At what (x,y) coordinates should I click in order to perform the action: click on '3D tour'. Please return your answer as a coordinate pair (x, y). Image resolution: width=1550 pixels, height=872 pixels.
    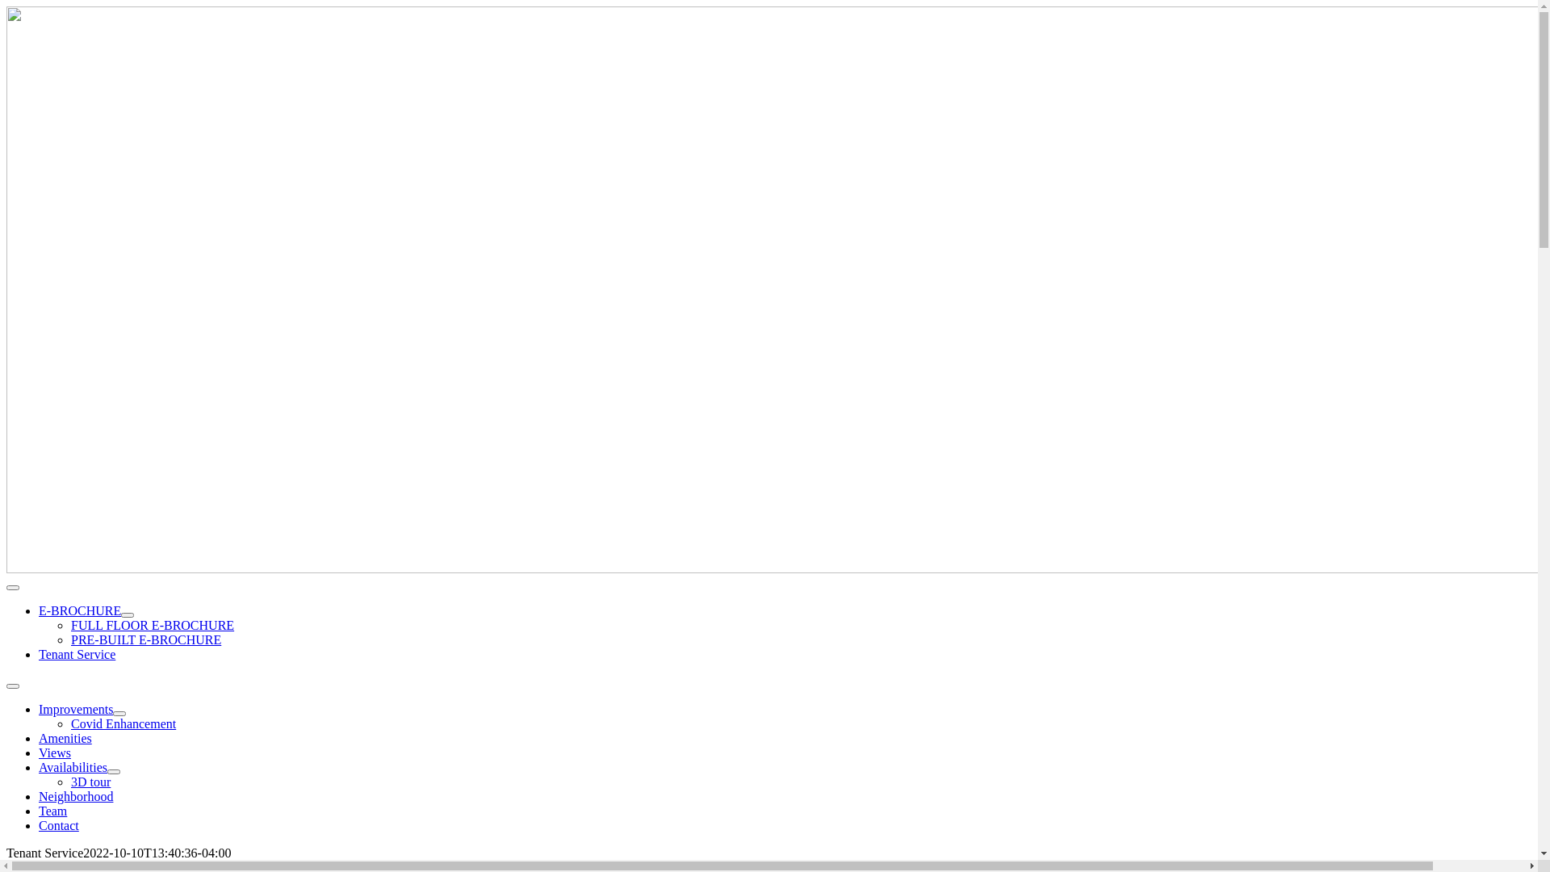
    Looking at the image, I should click on (69, 781).